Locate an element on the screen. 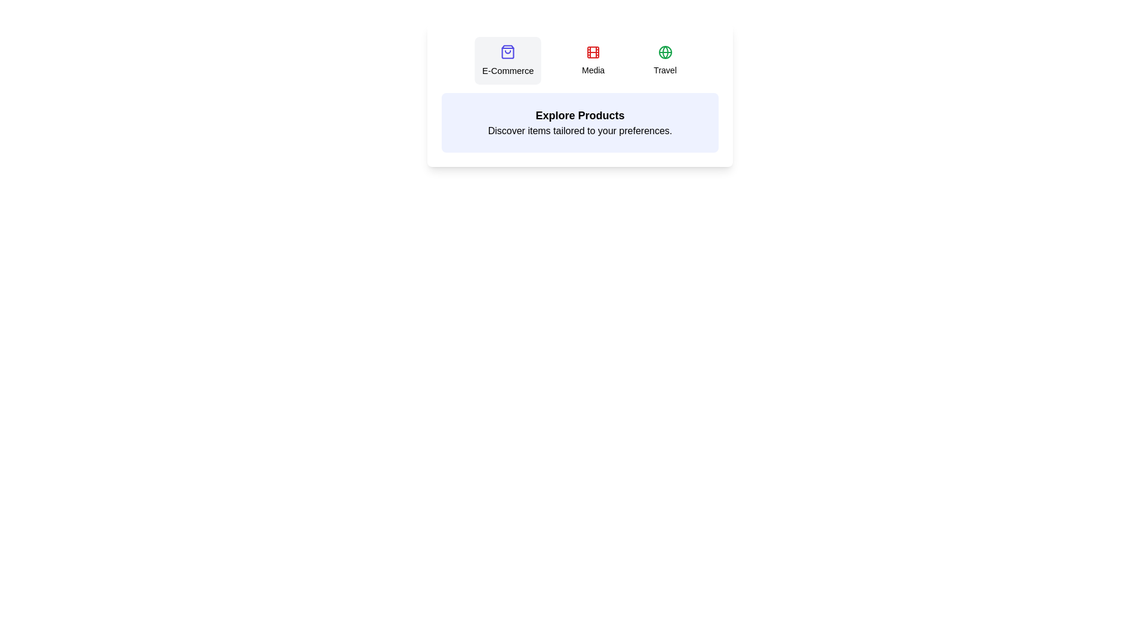 This screenshot has width=1146, height=644. the tab identified by Media is located at coordinates (593, 60).